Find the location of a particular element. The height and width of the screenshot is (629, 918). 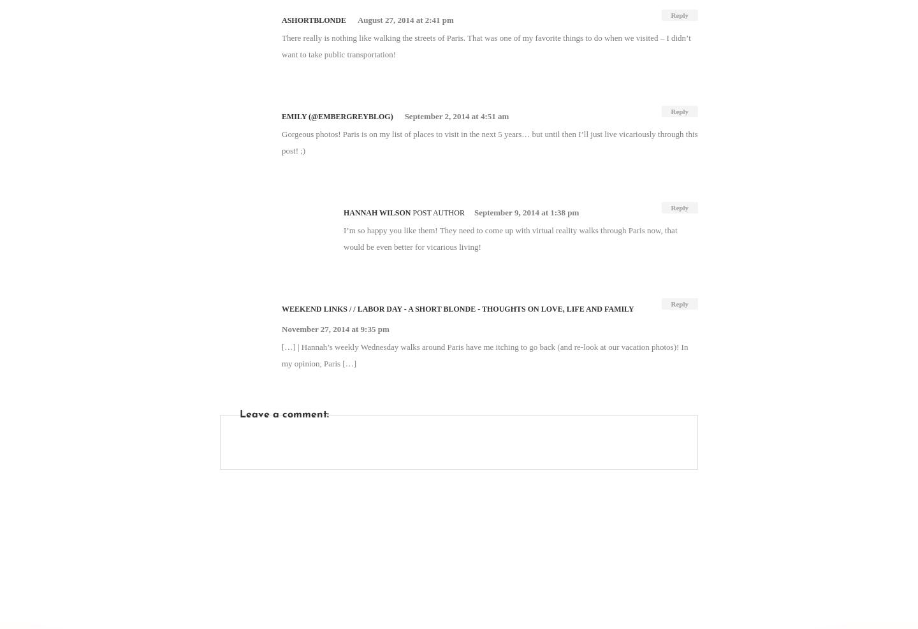

'I’m so happy you like them!  They need to come up with virtual reality walks through Paris now, that would be even better for vicarious living!' is located at coordinates (342, 238).